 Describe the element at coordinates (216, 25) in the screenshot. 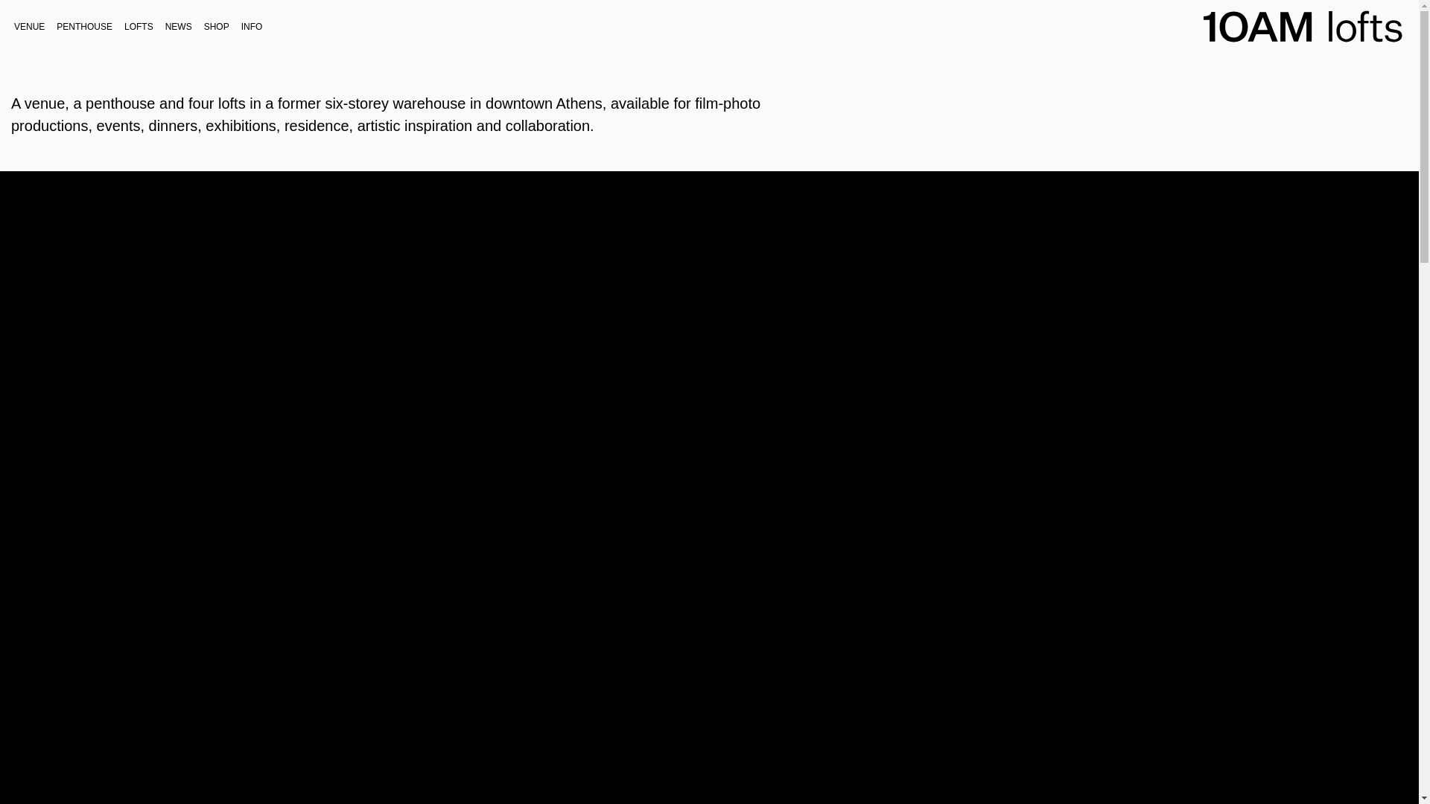

I see `'SHOP'` at that location.